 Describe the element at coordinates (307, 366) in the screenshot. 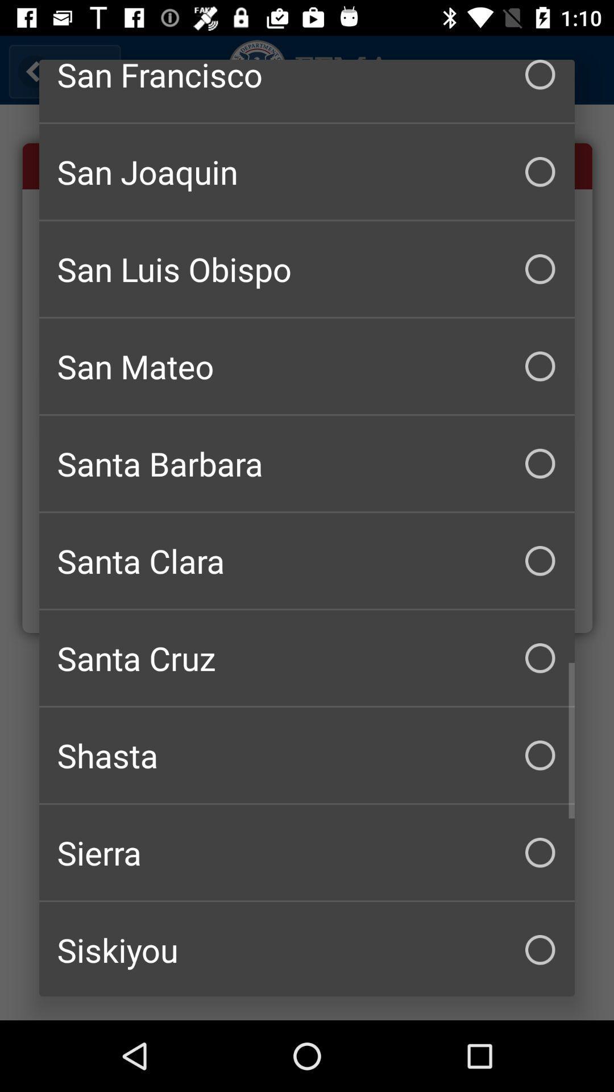

I see `the san mateo checkbox` at that location.